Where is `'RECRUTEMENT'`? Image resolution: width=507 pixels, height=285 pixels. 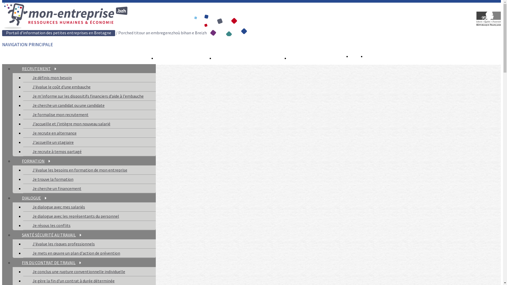 'RECRUTEMENT' is located at coordinates (39, 68).